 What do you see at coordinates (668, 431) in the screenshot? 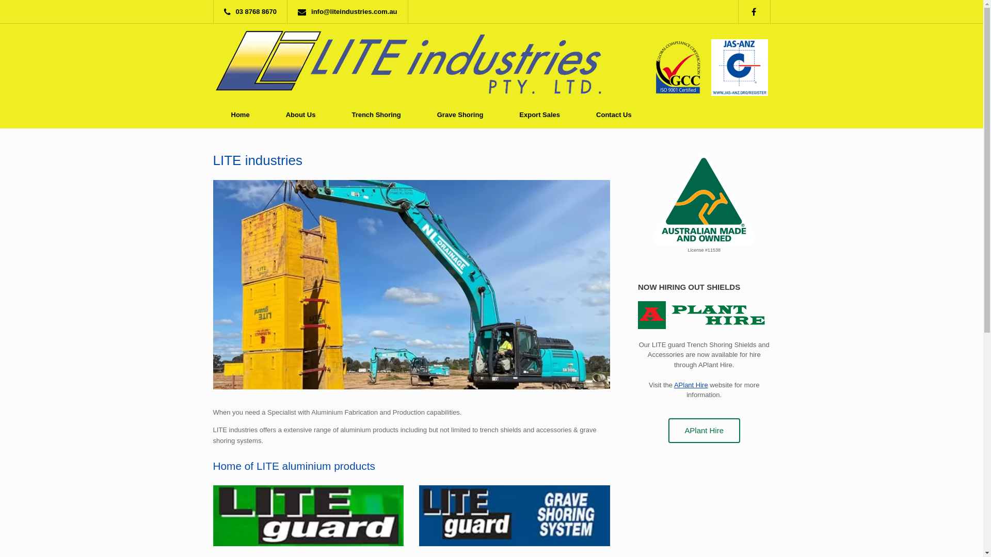
I see `'APlant Hire'` at bounding box center [668, 431].